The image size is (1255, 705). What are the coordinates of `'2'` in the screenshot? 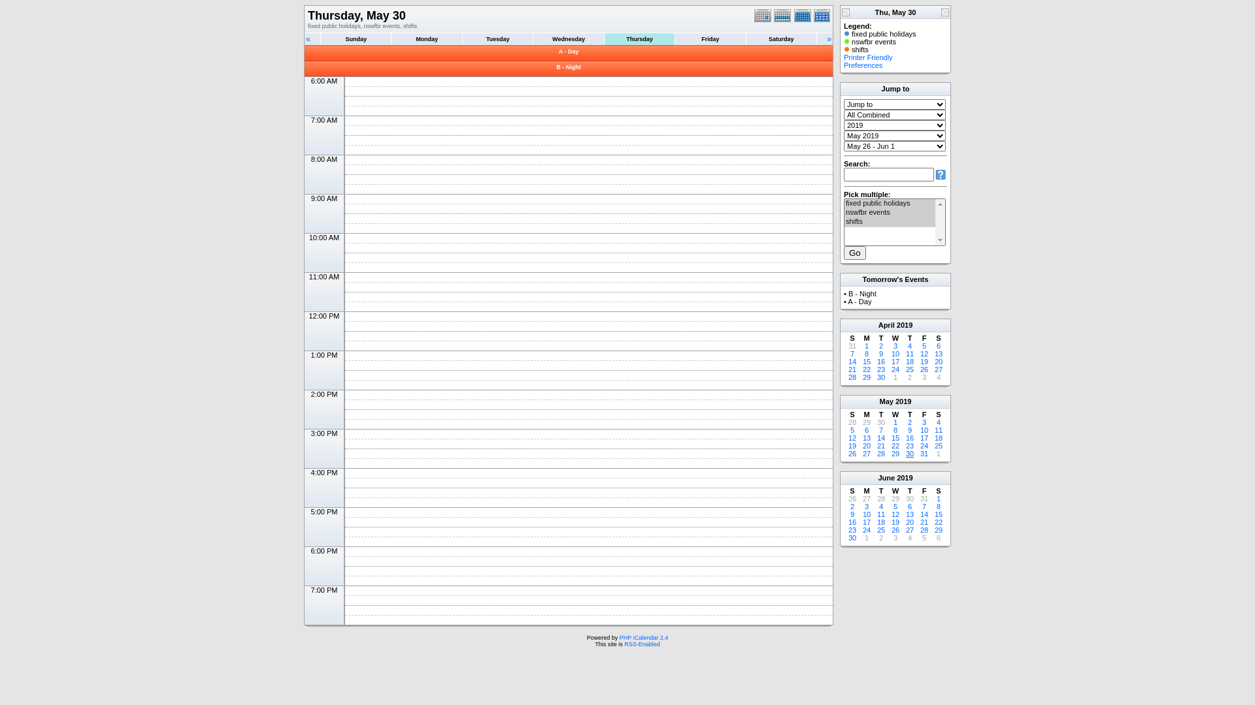 It's located at (881, 345).